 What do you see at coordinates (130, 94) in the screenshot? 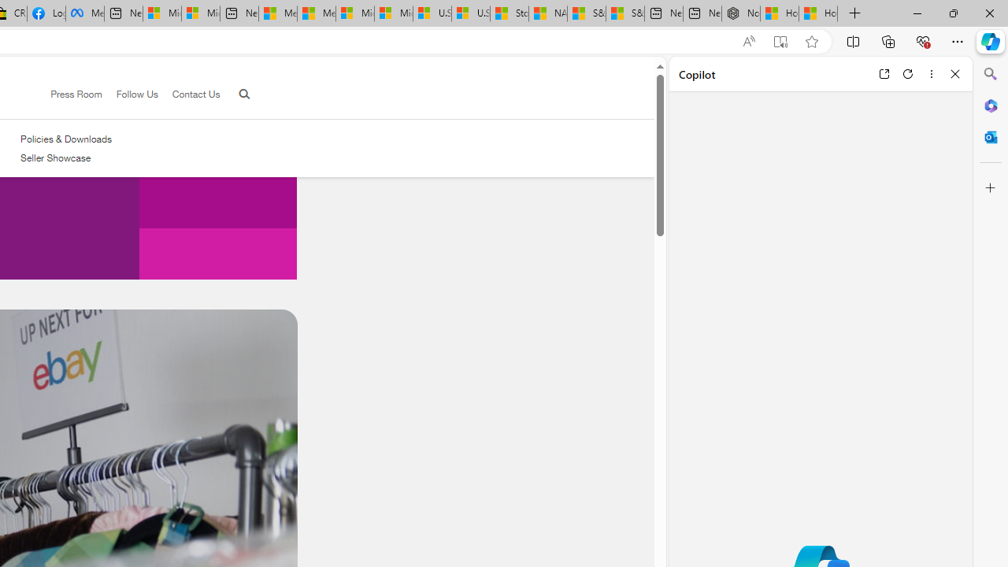
I see `'Follow Us'` at bounding box center [130, 94].